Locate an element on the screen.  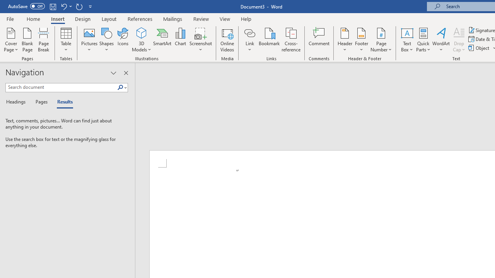
'Repeat Doc Close' is located at coordinates (79, 6).